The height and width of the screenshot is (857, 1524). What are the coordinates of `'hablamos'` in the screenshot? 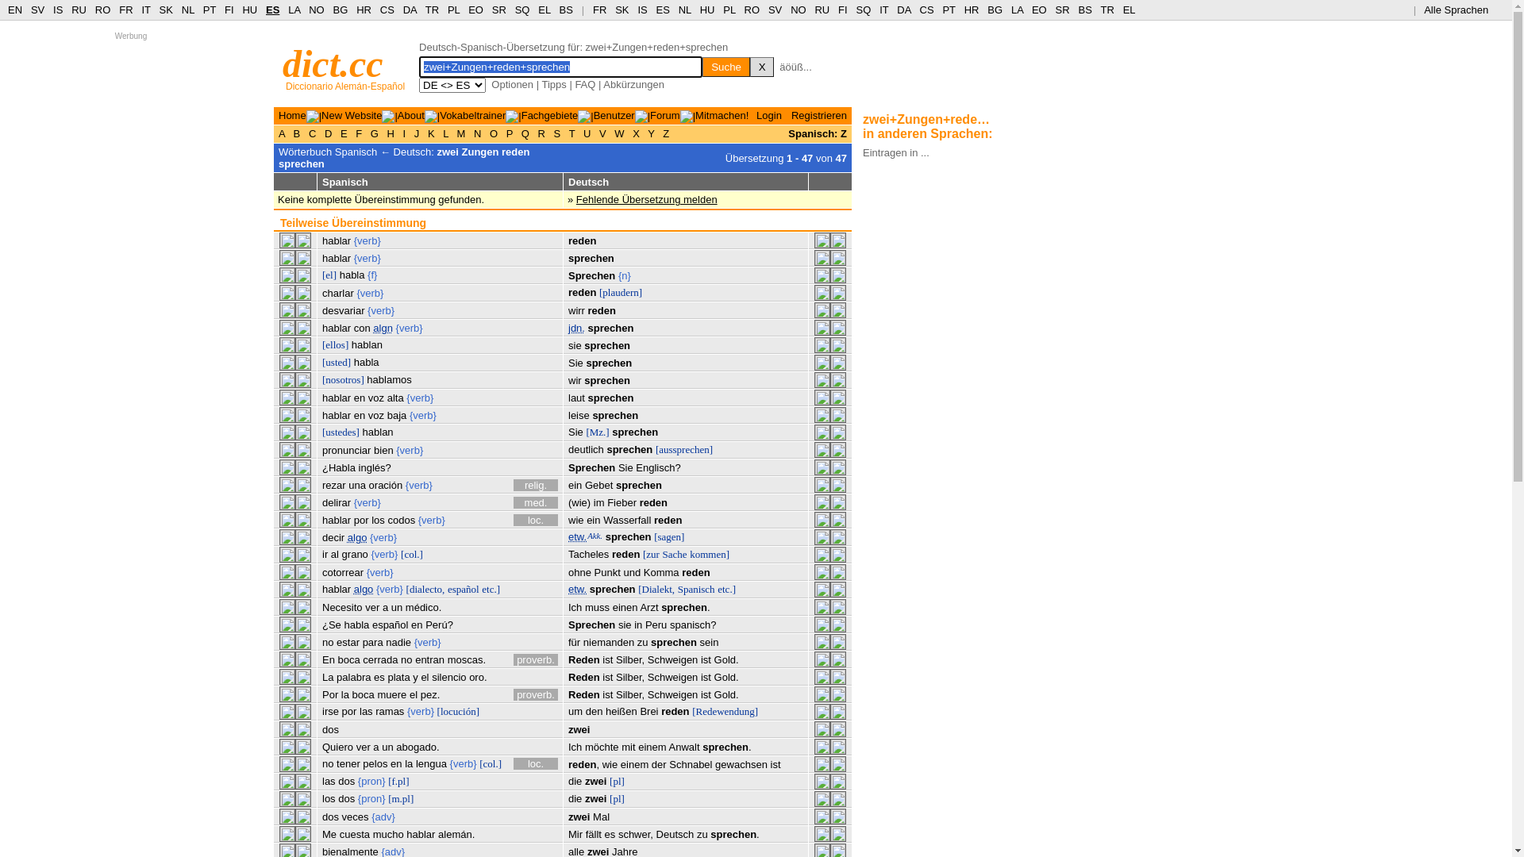 It's located at (388, 379).